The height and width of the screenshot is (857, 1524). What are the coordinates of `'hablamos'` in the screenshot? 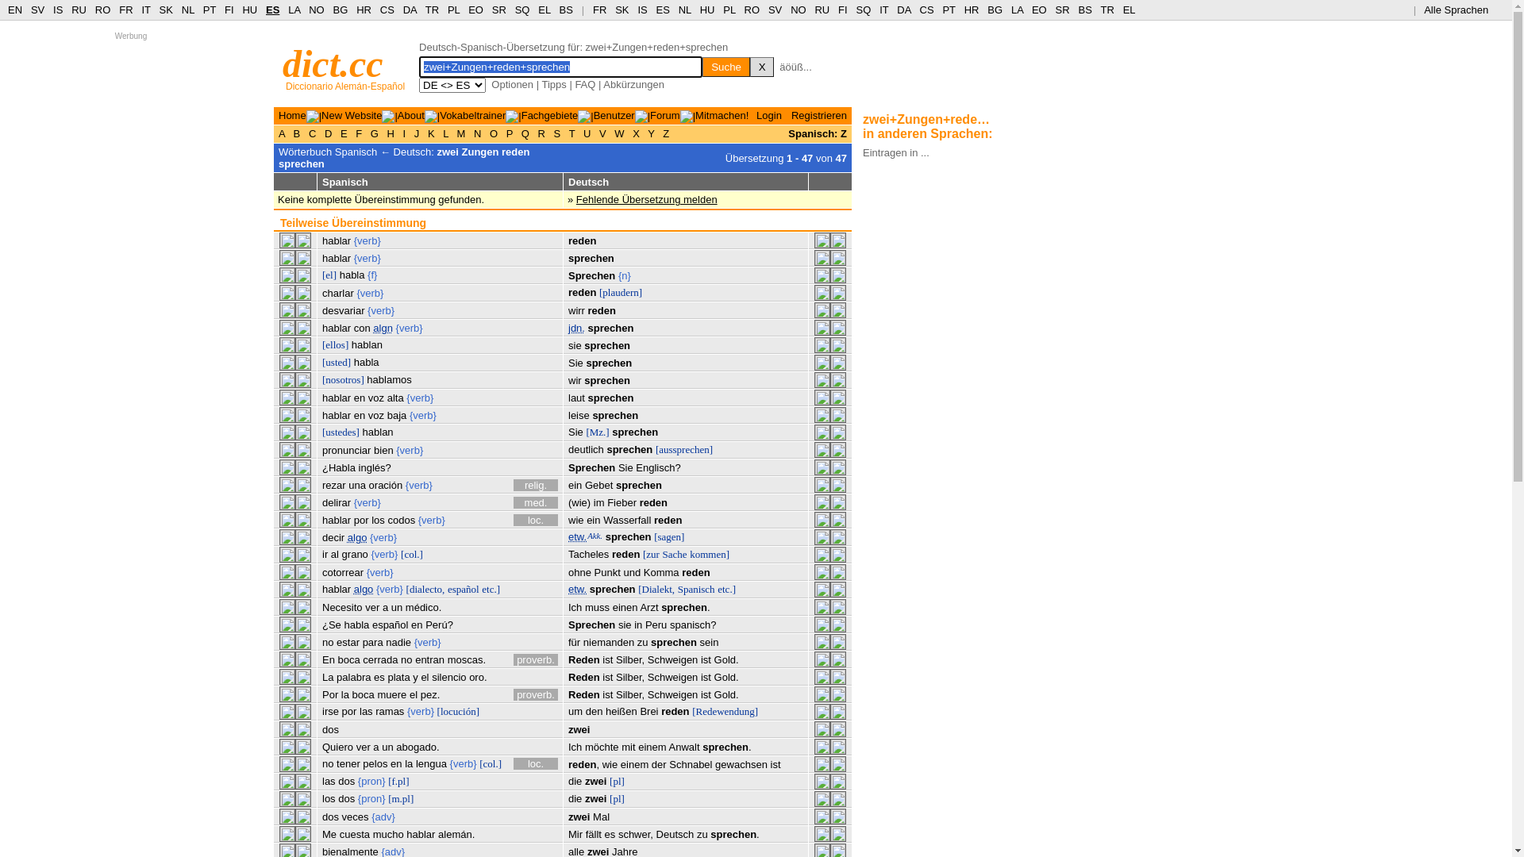 It's located at (388, 379).